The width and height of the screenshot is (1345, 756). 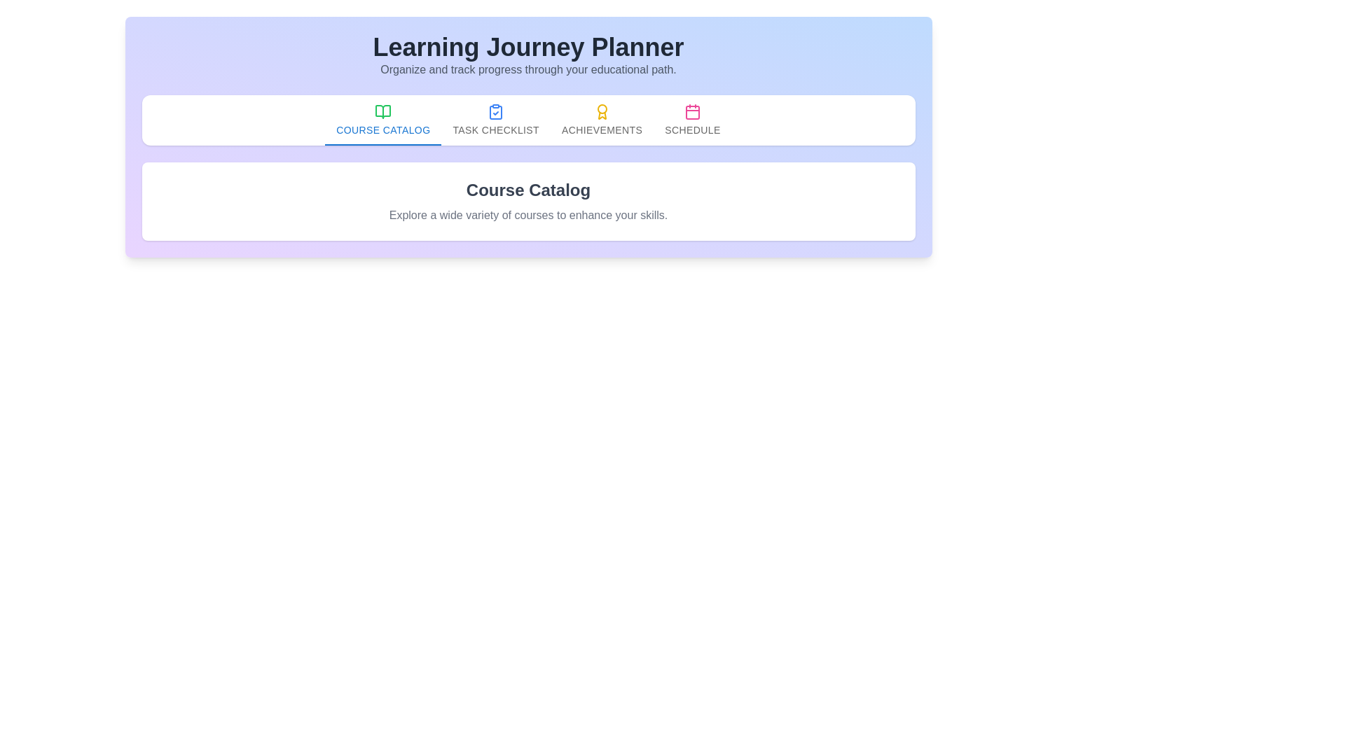 What do you see at coordinates (496, 120) in the screenshot?
I see `the second tab in the horizontal tab list` at bounding box center [496, 120].